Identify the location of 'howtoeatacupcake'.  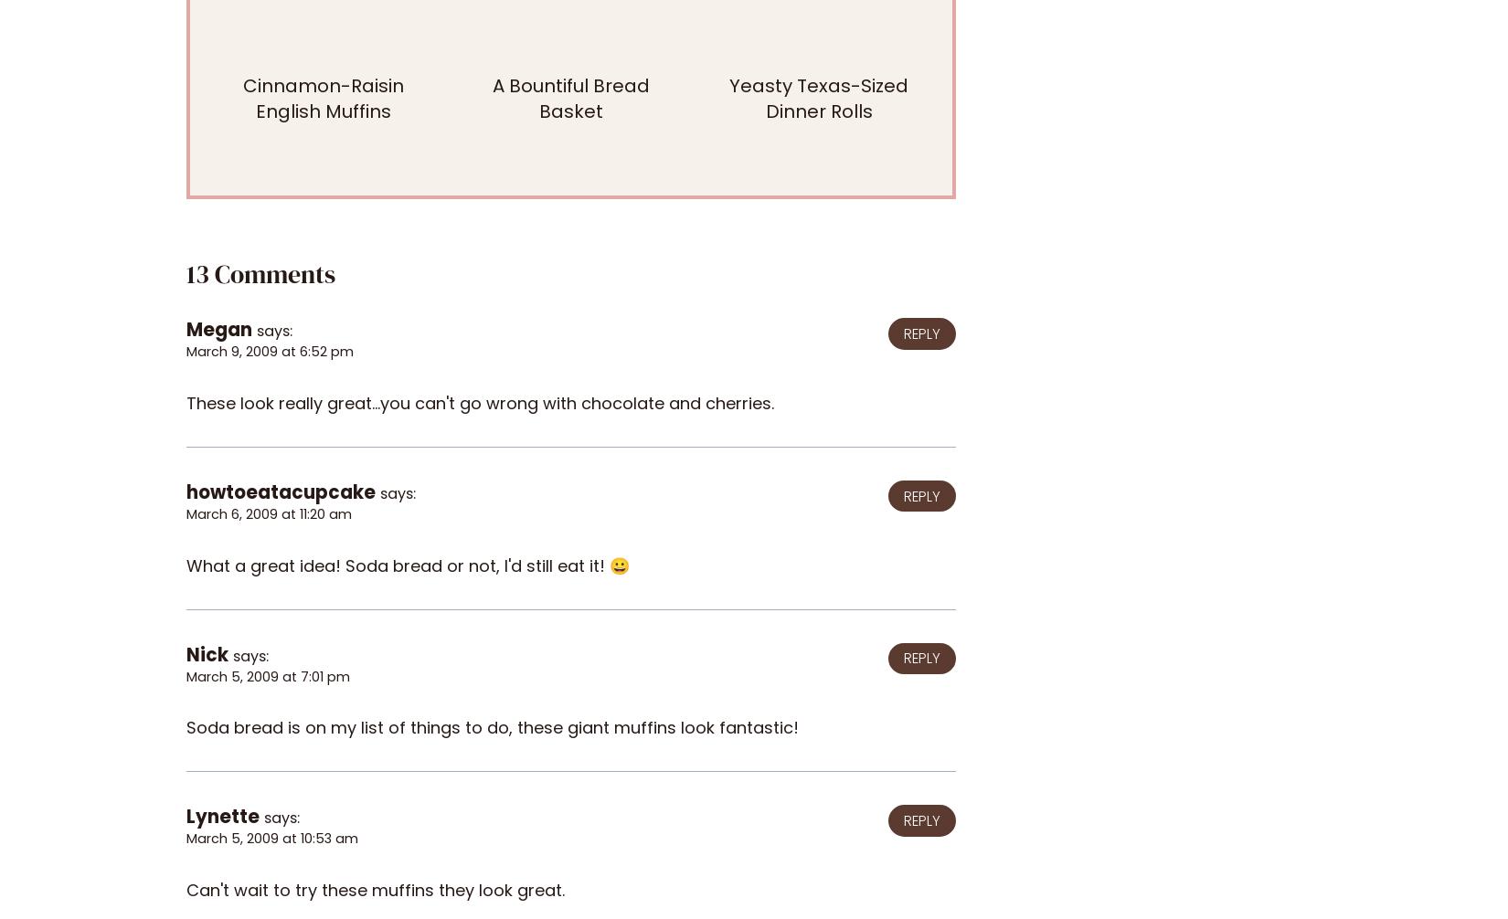
(281, 491).